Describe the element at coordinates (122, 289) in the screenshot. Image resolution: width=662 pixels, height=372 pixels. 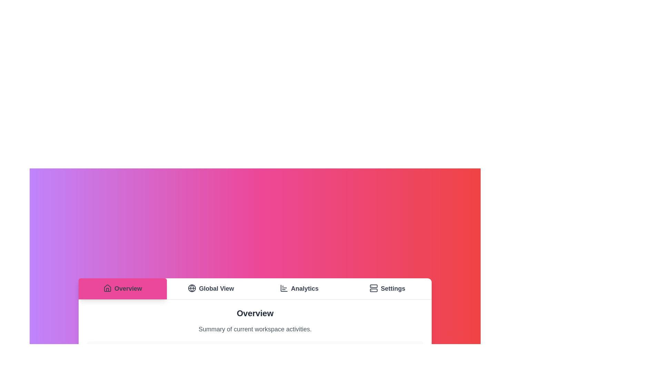
I see `the Overview tab by clicking on it` at that location.